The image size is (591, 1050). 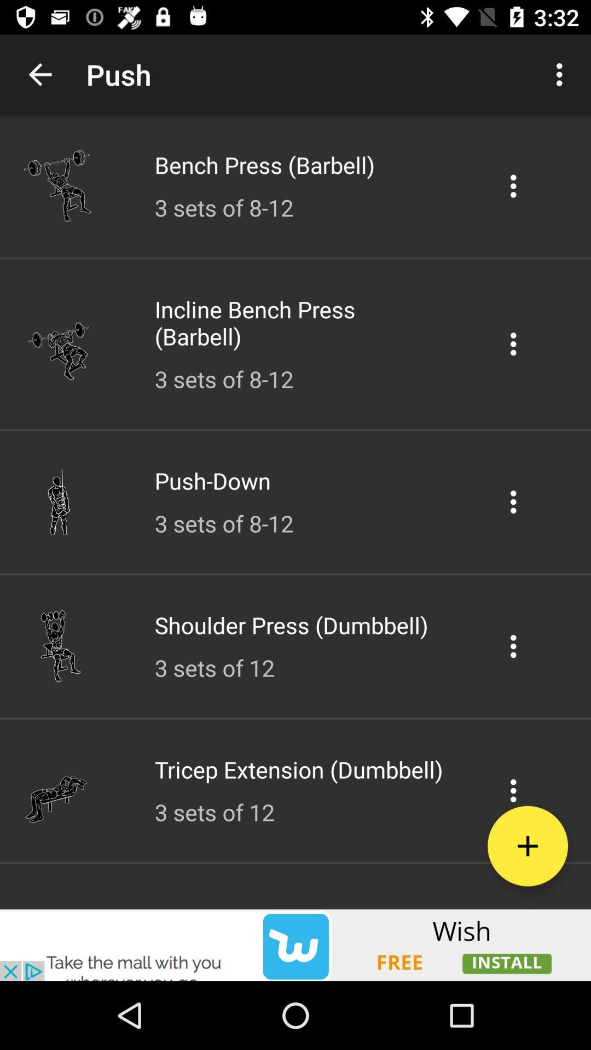 What do you see at coordinates (513, 186) in the screenshot?
I see `setting` at bounding box center [513, 186].